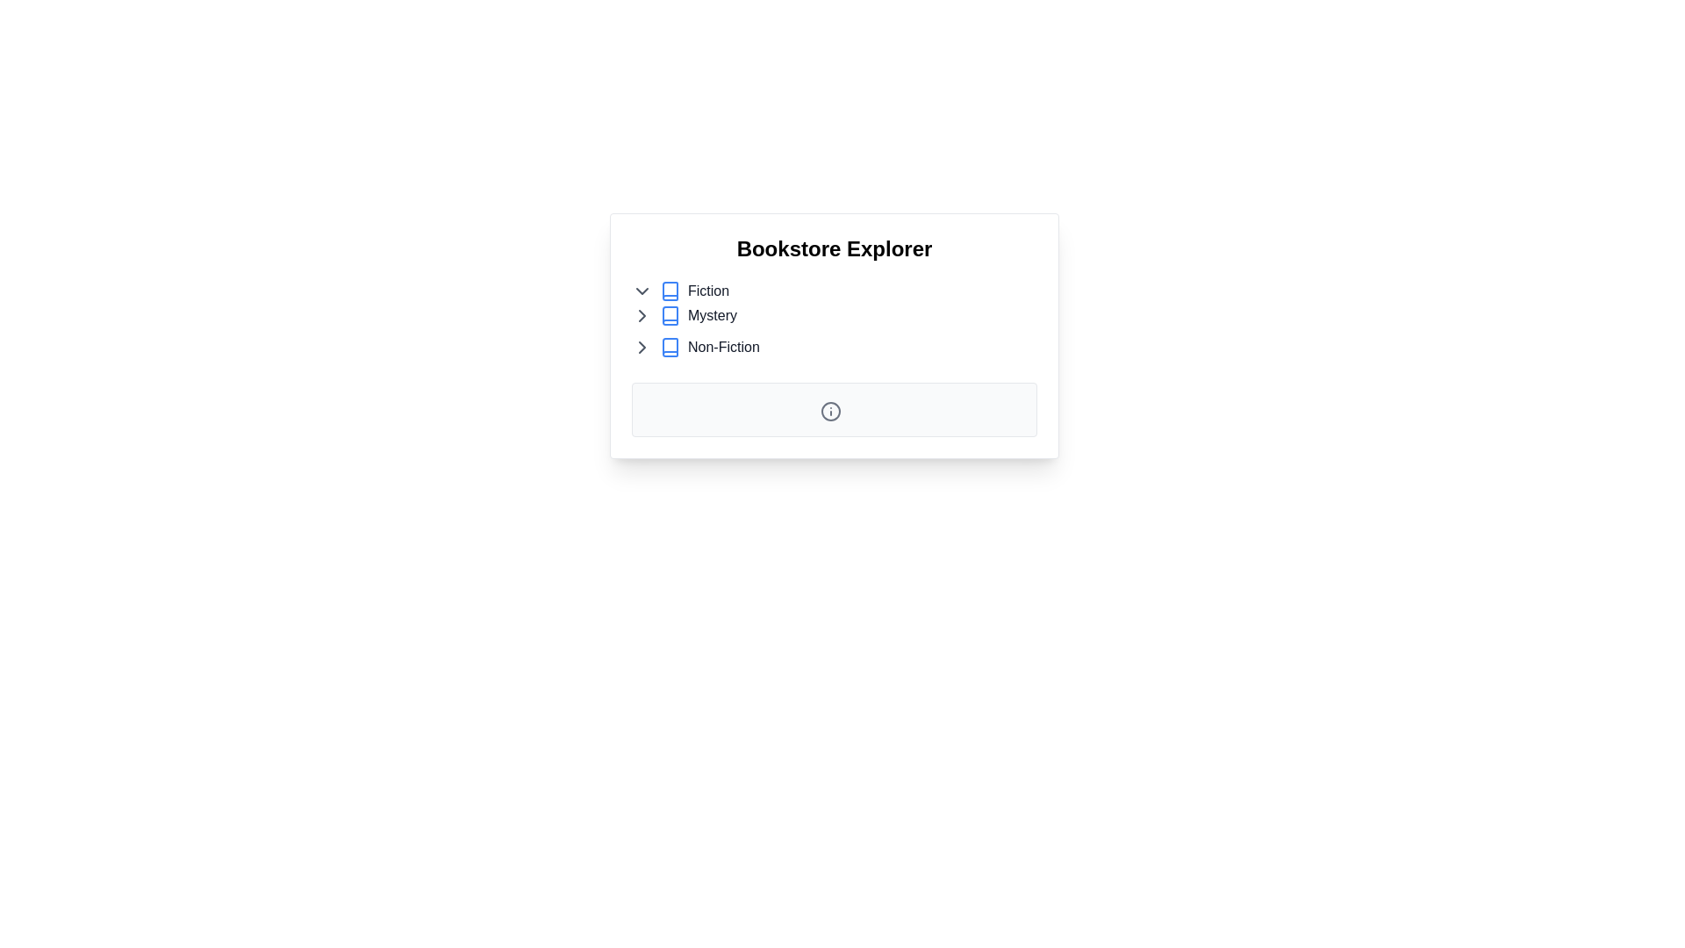 This screenshot has height=948, width=1685. What do you see at coordinates (669, 348) in the screenshot?
I see `the 'Non-Fiction' icon in the 'Bookstore Explorer' list by clicking it` at bounding box center [669, 348].